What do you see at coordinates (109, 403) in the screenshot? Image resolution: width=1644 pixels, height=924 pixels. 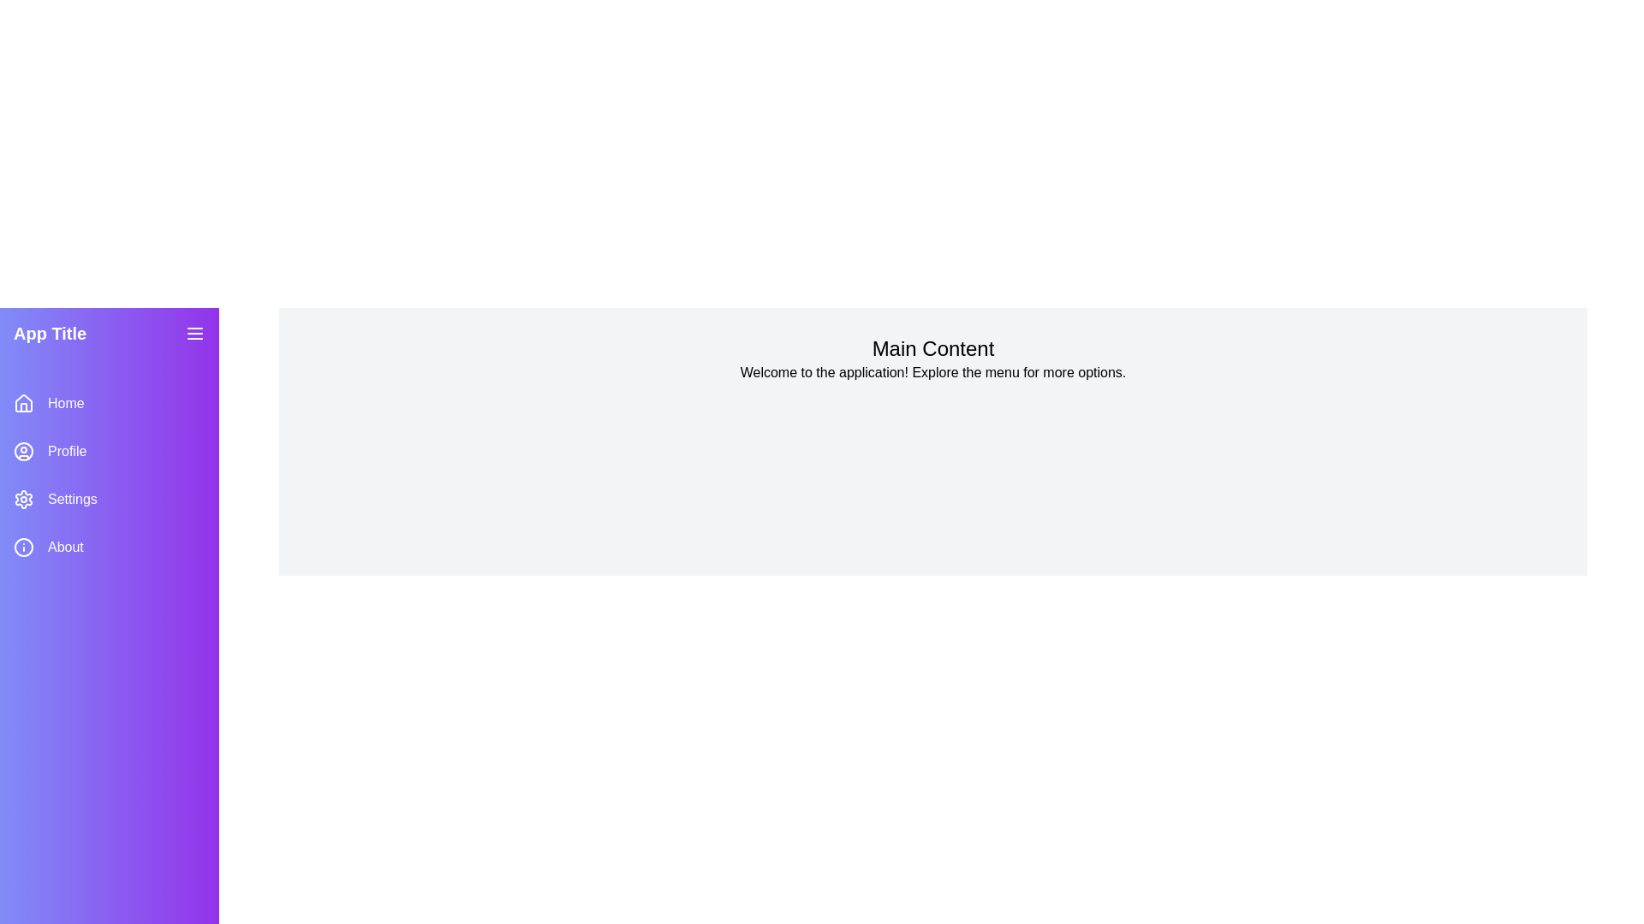 I see `the sidebar menu item labeled Home to navigate to the corresponding section` at bounding box center [109, 403].